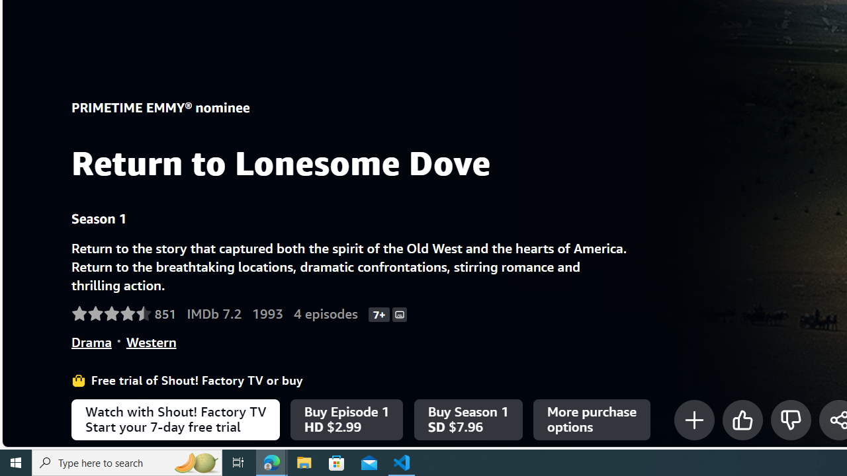  Describe the element at coordinates (790, 420) in the screenshot. I see `'Not for me'` at that location.